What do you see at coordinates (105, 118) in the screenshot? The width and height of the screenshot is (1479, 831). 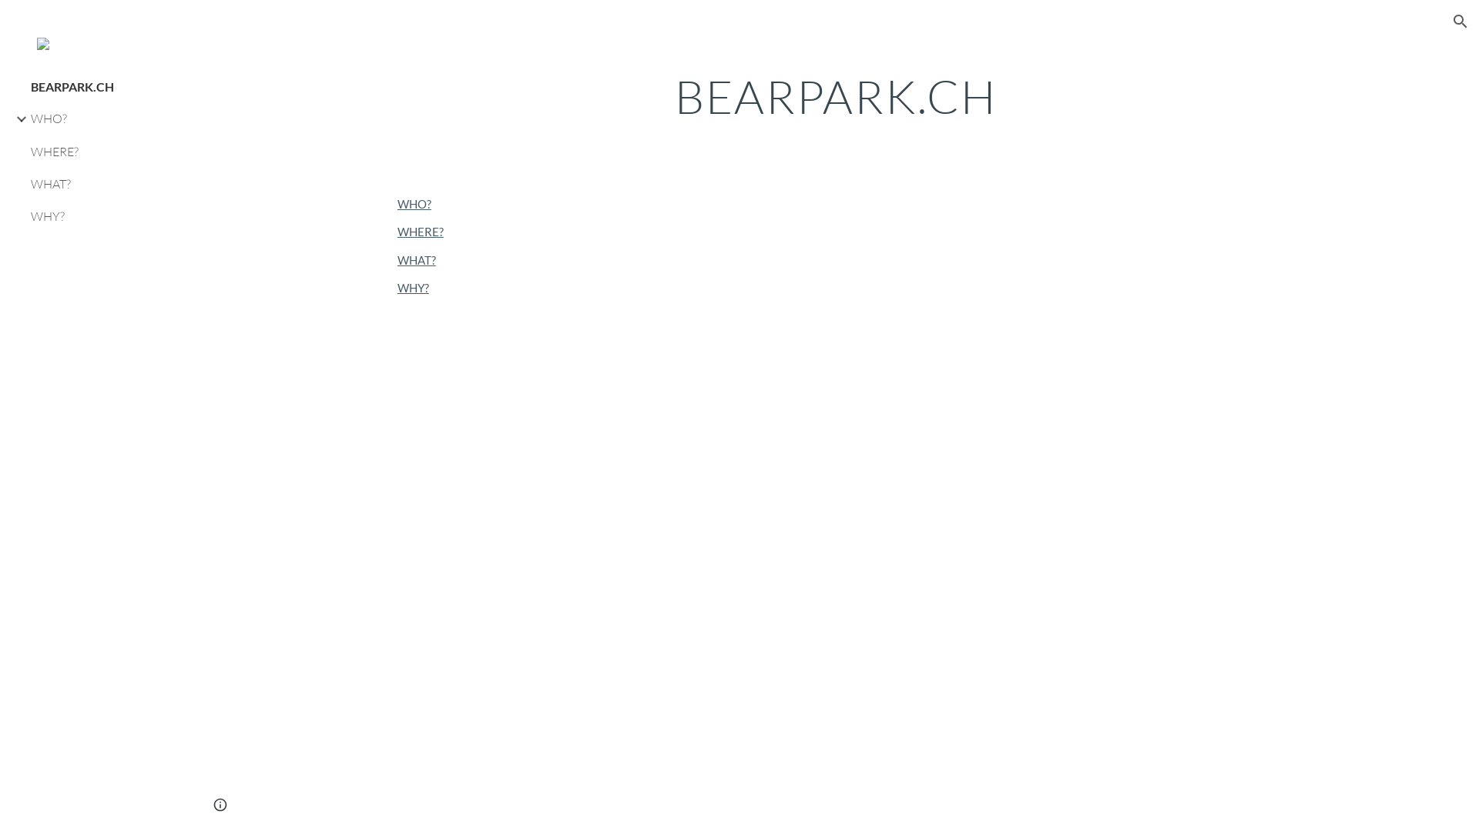 I see `'WHO?'` at bounding box center [105, 118].